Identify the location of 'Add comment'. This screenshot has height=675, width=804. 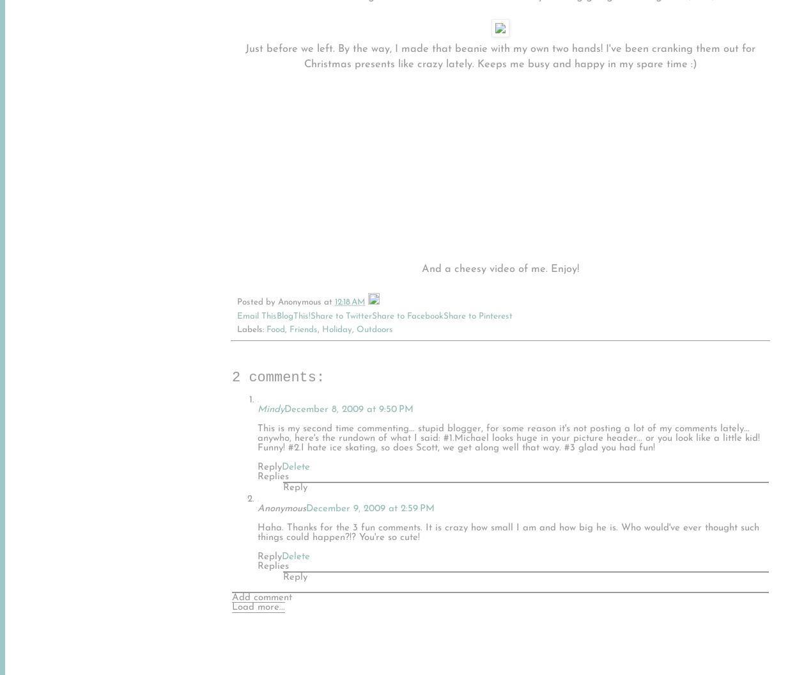
(261, 596).